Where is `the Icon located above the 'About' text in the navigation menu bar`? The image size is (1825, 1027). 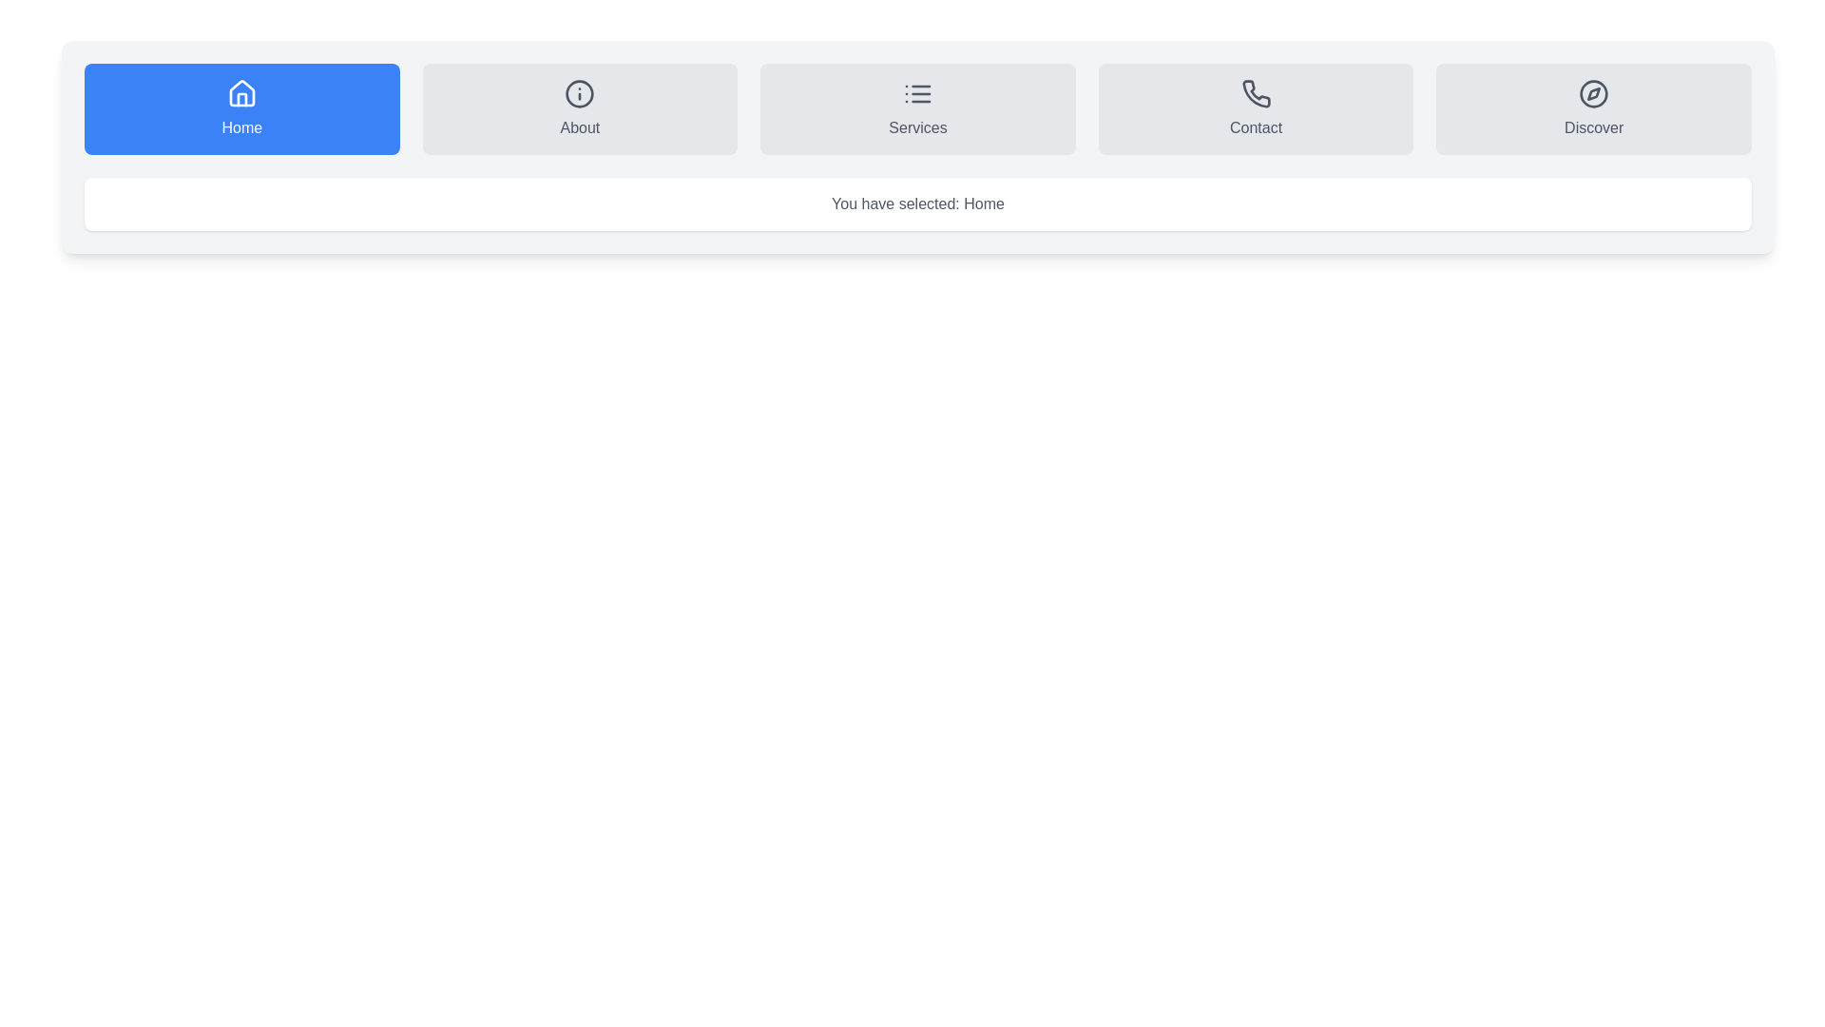
the Icon located above the 'About' text in the navigation menu bar is located at coordinates (579, 94).